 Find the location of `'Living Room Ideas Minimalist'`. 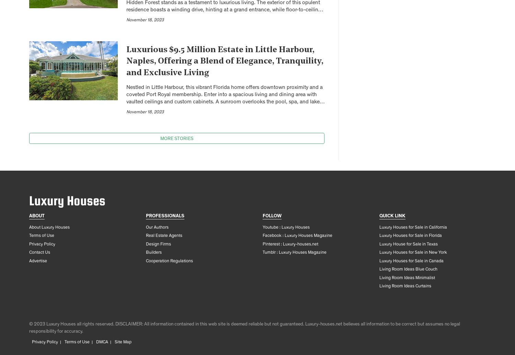

'Living Room Ideas Minimalist' is located at coordinates (407, 277).